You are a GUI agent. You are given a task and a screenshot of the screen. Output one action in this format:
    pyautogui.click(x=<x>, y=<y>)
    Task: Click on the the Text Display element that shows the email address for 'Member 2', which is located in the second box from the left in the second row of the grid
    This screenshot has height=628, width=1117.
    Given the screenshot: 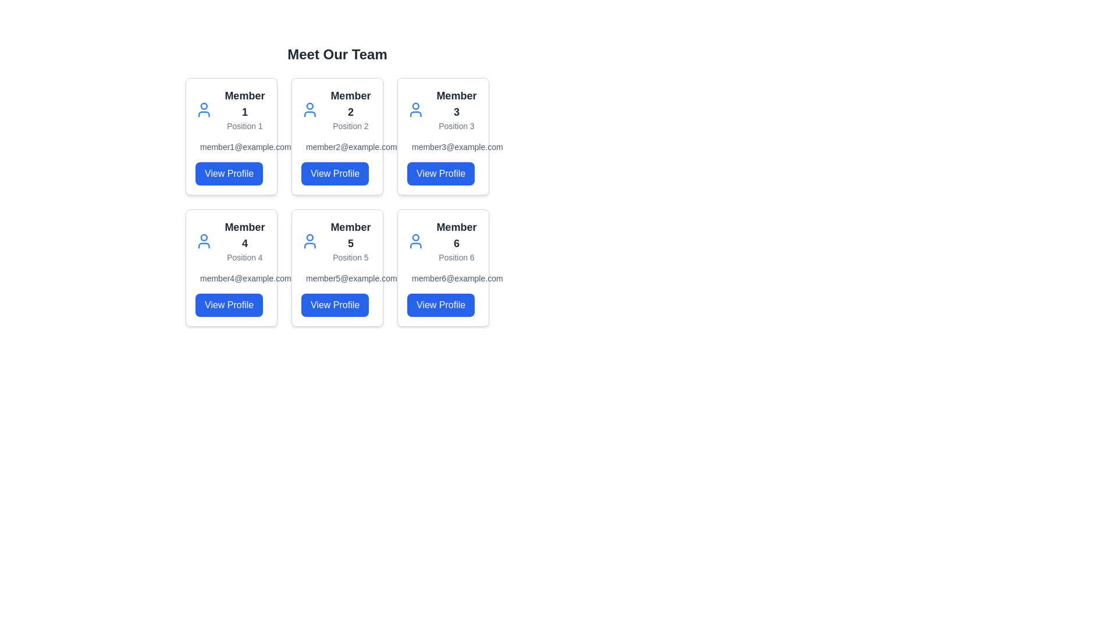 What is the action you would take?
    pyautogui.click(x=337, y=147)
    